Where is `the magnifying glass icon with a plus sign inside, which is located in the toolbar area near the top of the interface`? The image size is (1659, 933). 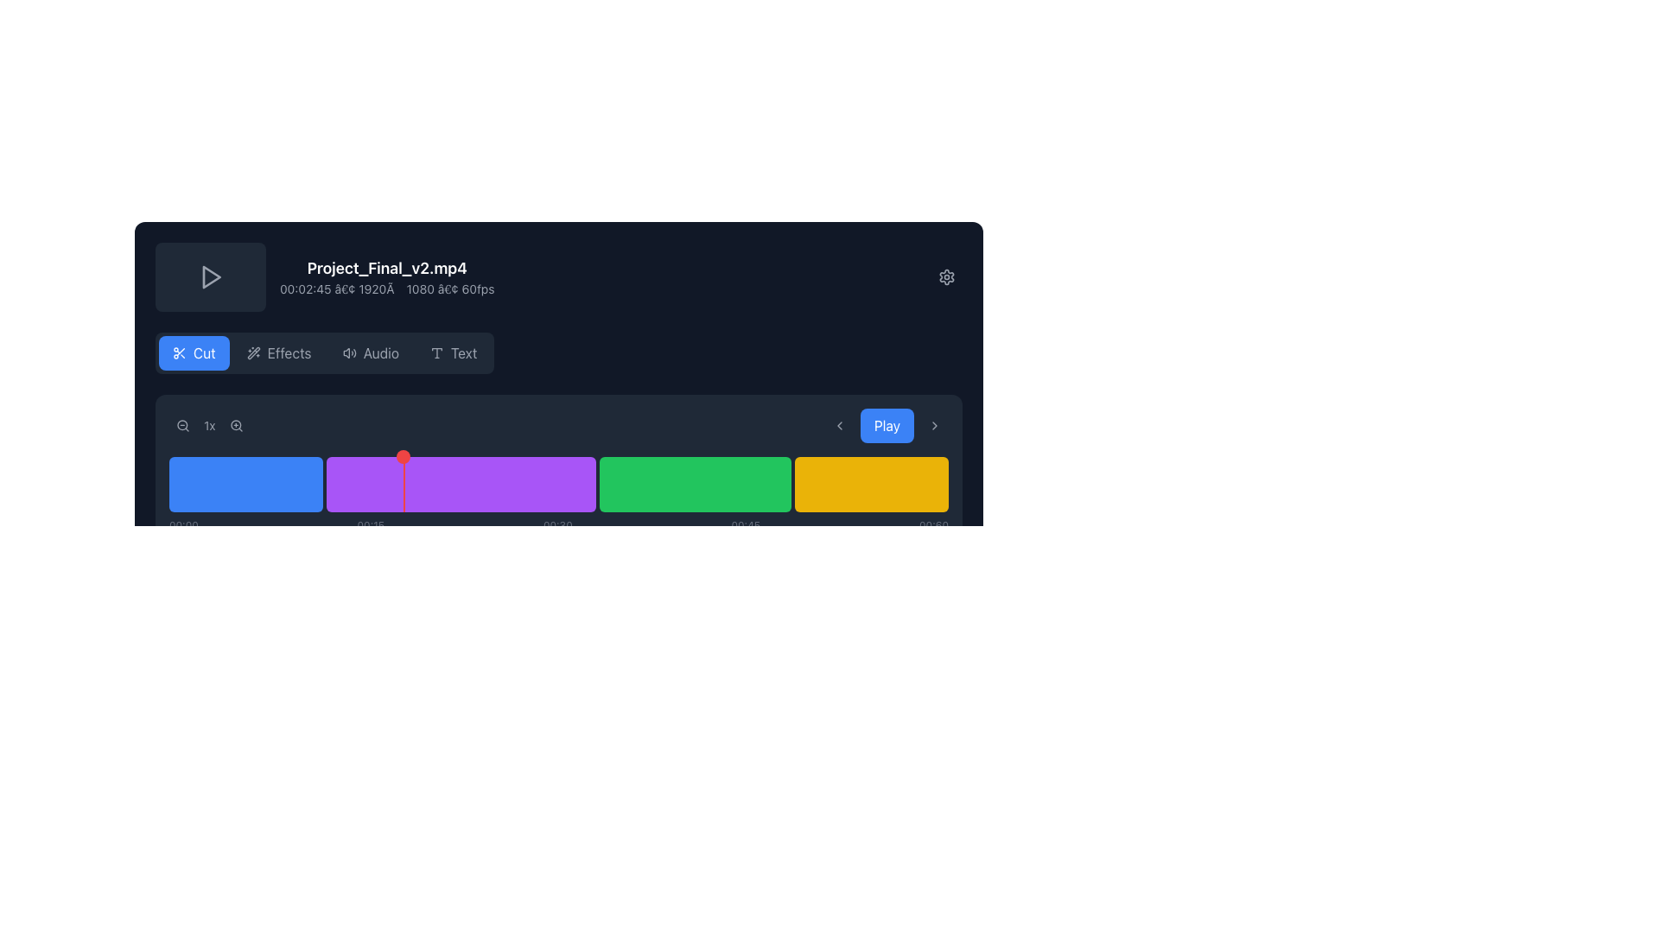 the magnifying glass icon with a plus sign inside, which is located in the toolbar area near the top of the interface is located at coordinates (235, 426).